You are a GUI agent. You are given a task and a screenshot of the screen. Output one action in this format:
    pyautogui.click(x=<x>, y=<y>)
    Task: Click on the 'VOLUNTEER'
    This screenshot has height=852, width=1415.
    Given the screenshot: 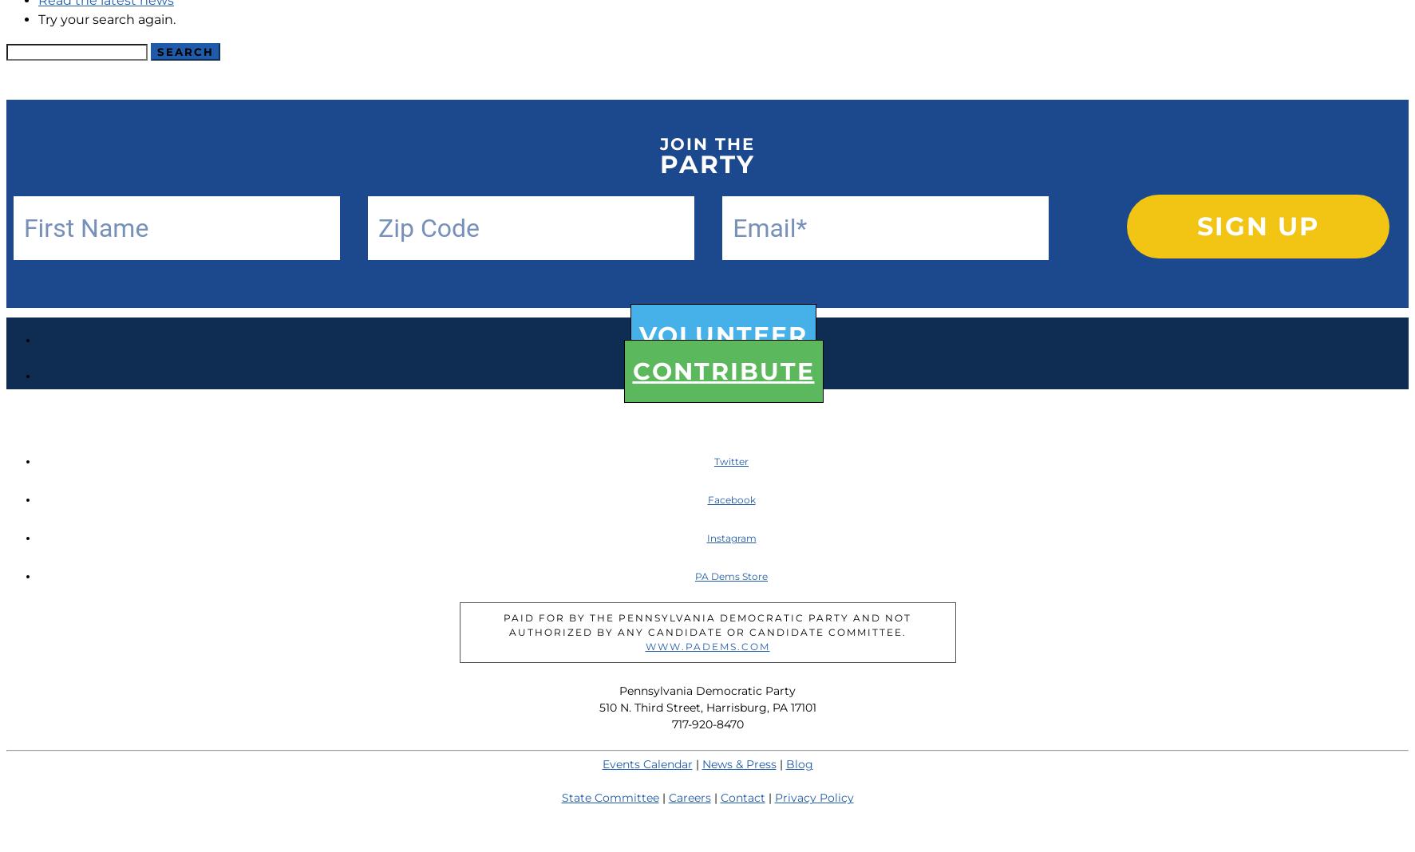 What is the action you would take?
    pyautogui.click(x=723, y=335)
    